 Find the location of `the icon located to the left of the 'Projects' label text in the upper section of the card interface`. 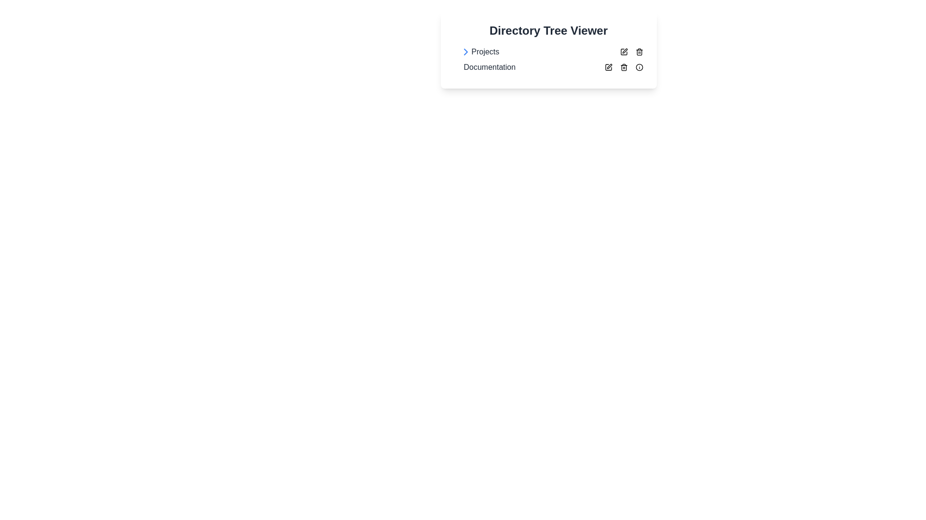

the icon located to the left of the 'Projects' label text in the upper section of the card interface is located at coordinates (465, 52).